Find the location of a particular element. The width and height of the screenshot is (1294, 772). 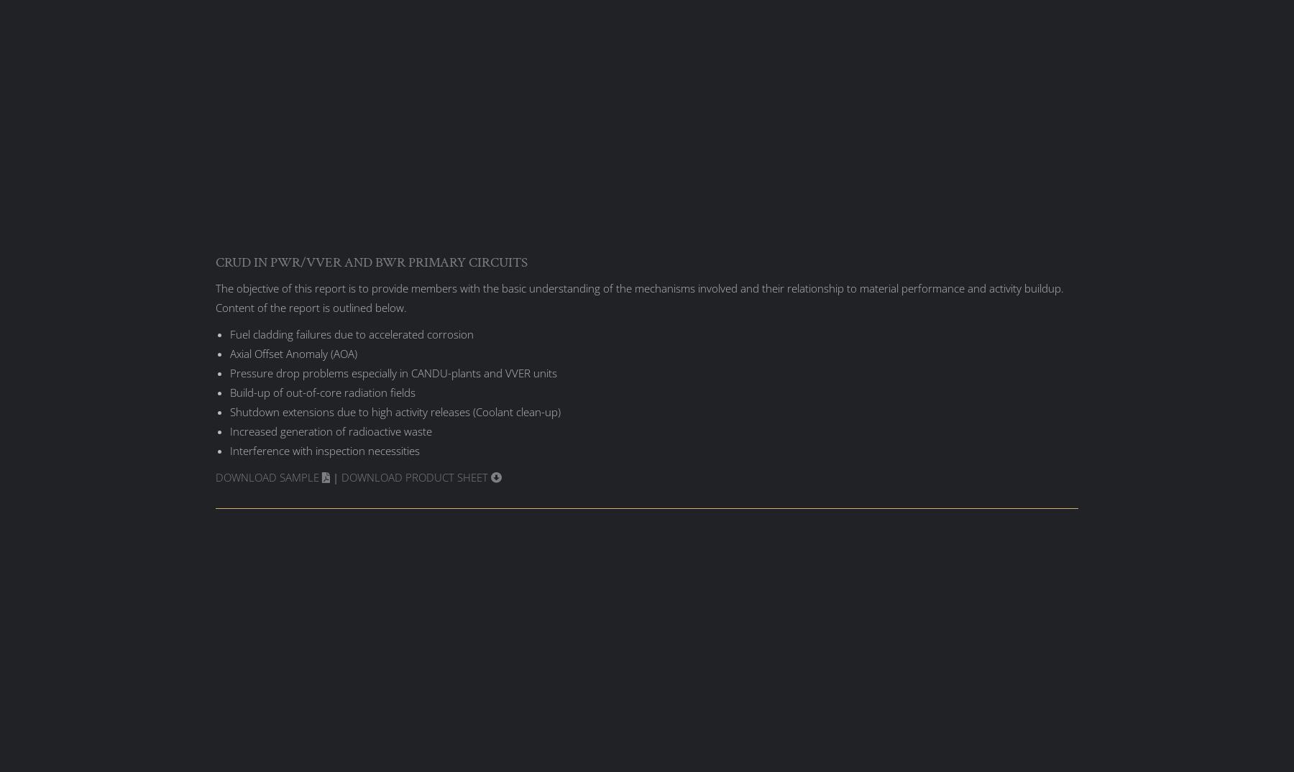

'Pressure drop problems especially in CANDU-plants and VVER units' is located at coordinates (393, 372).